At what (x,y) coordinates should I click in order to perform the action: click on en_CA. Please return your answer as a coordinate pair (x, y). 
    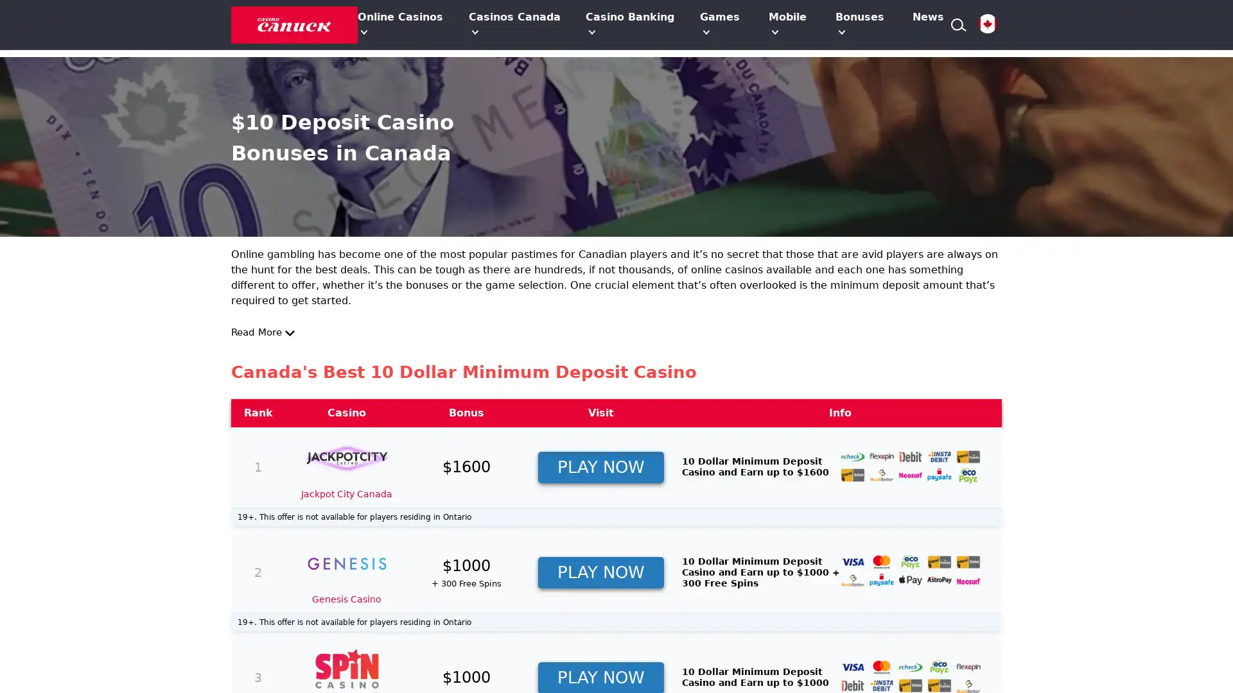
    Looking at the image, I should click on (986, 24).